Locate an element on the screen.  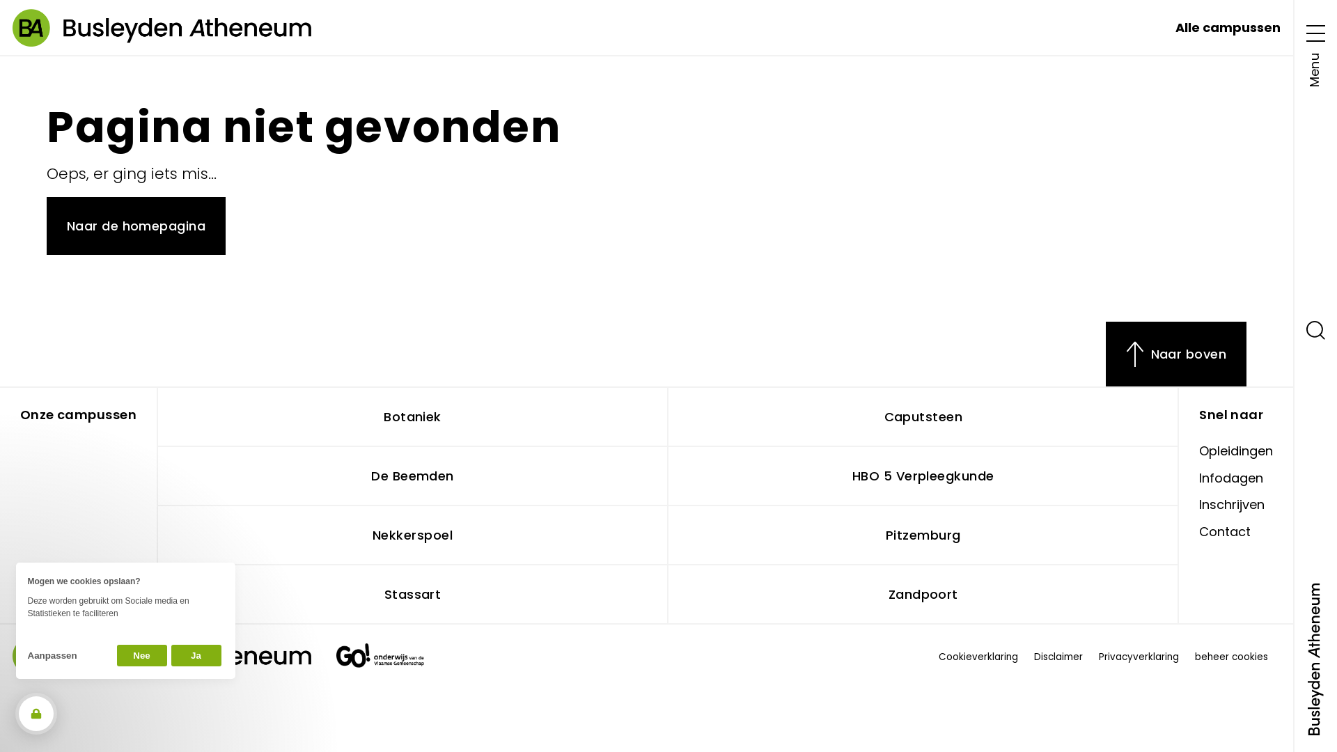
'Cookieverklaring' is located at coordinates (978, 657).